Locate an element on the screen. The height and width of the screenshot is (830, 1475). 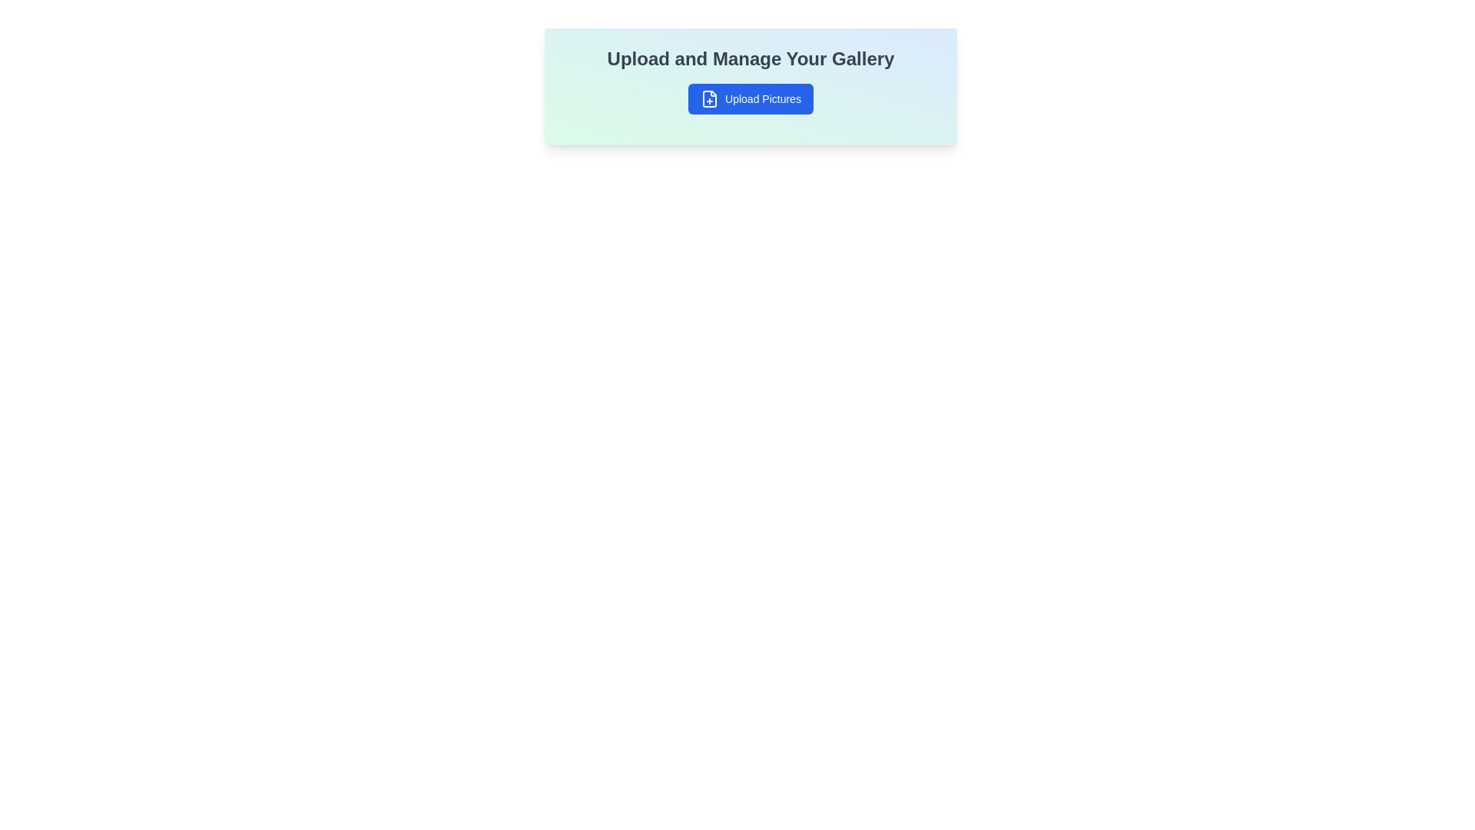
the SVG Icon within the 'Upload Pictures' button, which indicates the function to upload or manage files is located at coordinates (709, 98).